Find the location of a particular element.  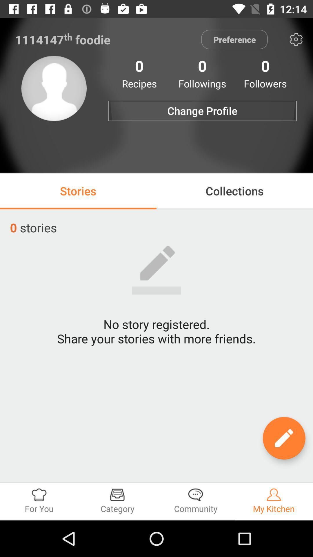

register is located at coordinates (284, 438).